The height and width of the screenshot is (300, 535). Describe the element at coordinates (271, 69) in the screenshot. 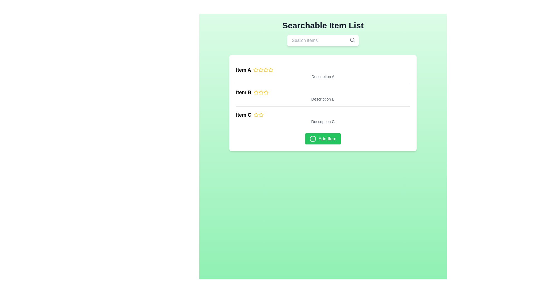

I see `the fifth Rating star icon with a yellow outline next to the label 'Item A'` at that location.